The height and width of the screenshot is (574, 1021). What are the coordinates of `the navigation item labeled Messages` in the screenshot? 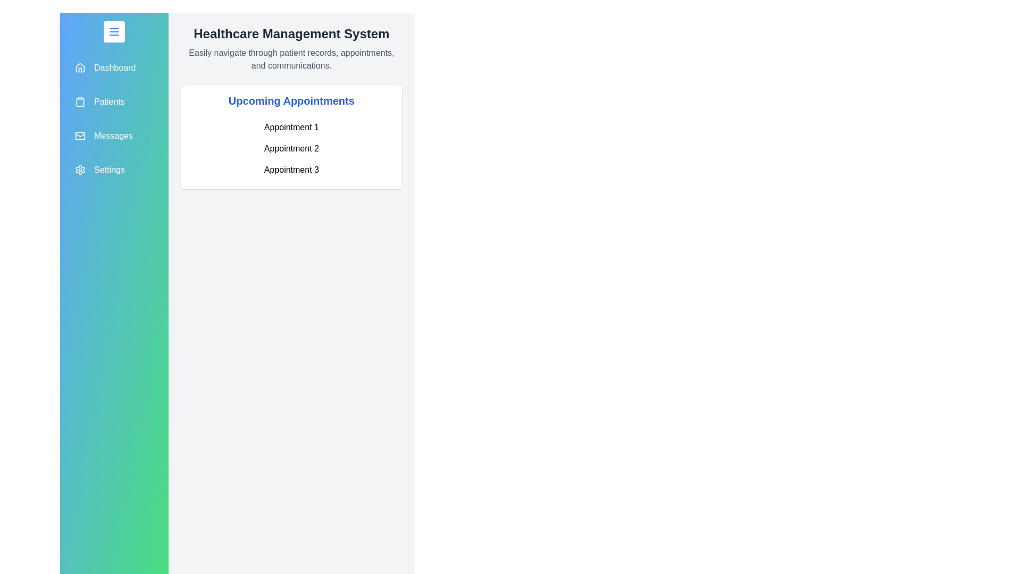 It's located at (114, 135).